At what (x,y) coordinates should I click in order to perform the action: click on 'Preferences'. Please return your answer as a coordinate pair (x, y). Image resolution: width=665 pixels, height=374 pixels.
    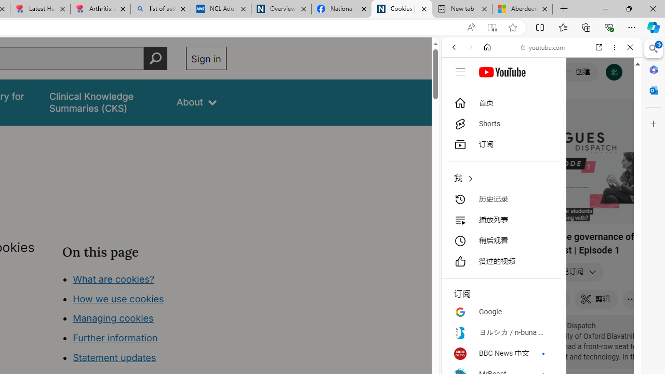
    Looking at the image, I should click on (618, 118).